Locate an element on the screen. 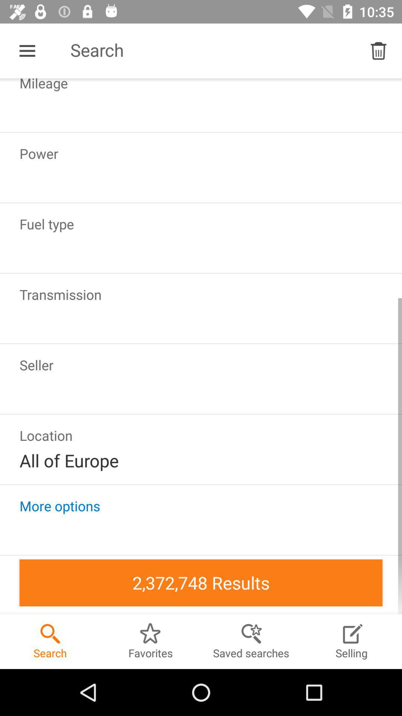  the item at the top right corner is located at coordinates (379, 50).